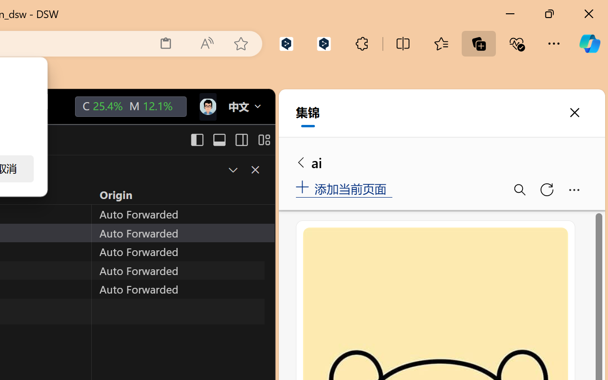 The height and width of the screenshot is (380, 608). I want to click on 'Toggle Secondary Side Bar (Ctrl+Alt+B)', so click(240, 140).